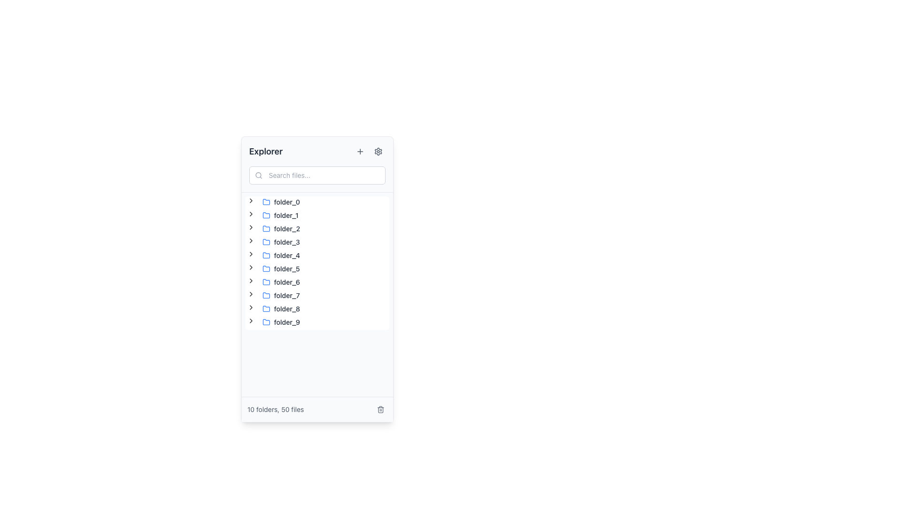 This screenshot has width=915, height=515. I want to click on the selectable list item represented by a blue folder icon with the text 'folder_4', which is the fifth item, so click(281, 255).